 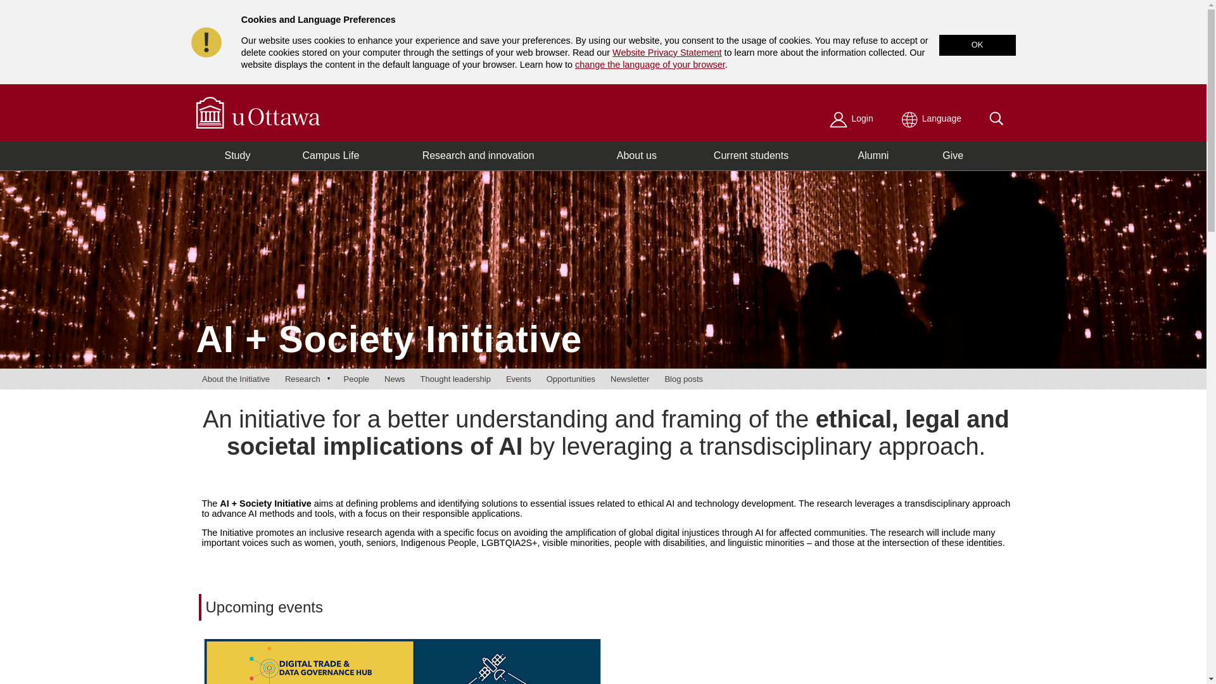 What do you see at coordinates (953, 155) in the screenshot?
I see `'Give'` at bounding box center [953, 155].